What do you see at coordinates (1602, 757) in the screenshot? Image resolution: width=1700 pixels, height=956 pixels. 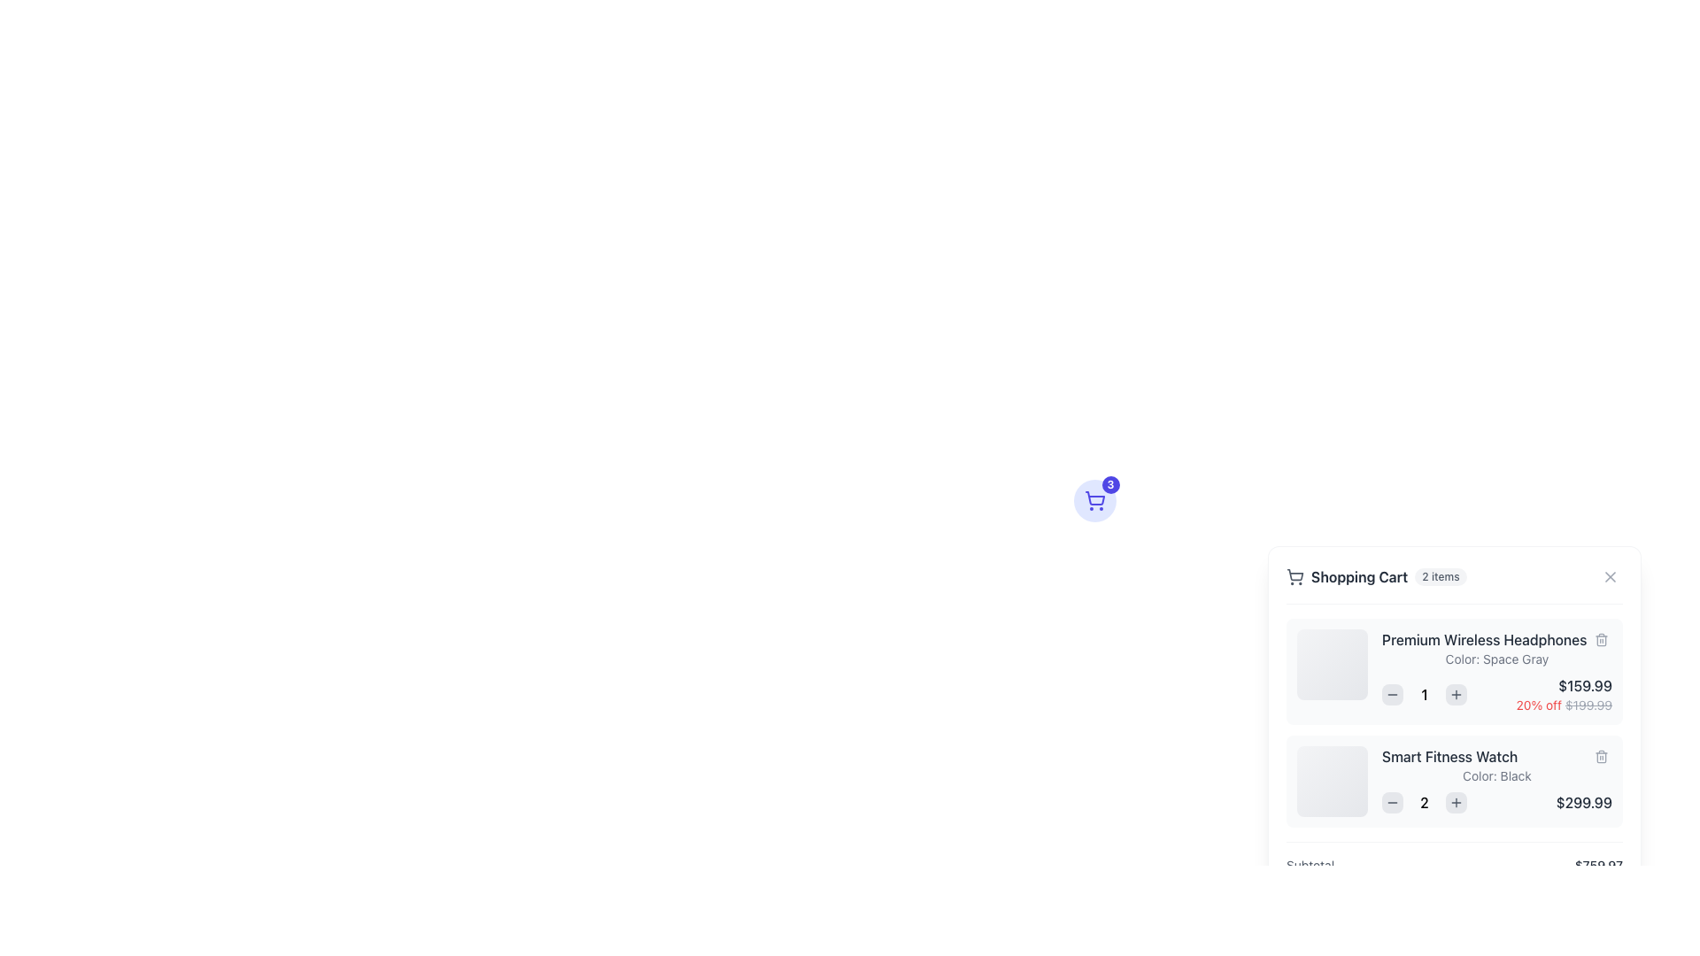 I see `the delete button located to the right of the 'Smart Fitness Watch' item in the shopping cart` at bounding box center [1602, 757].